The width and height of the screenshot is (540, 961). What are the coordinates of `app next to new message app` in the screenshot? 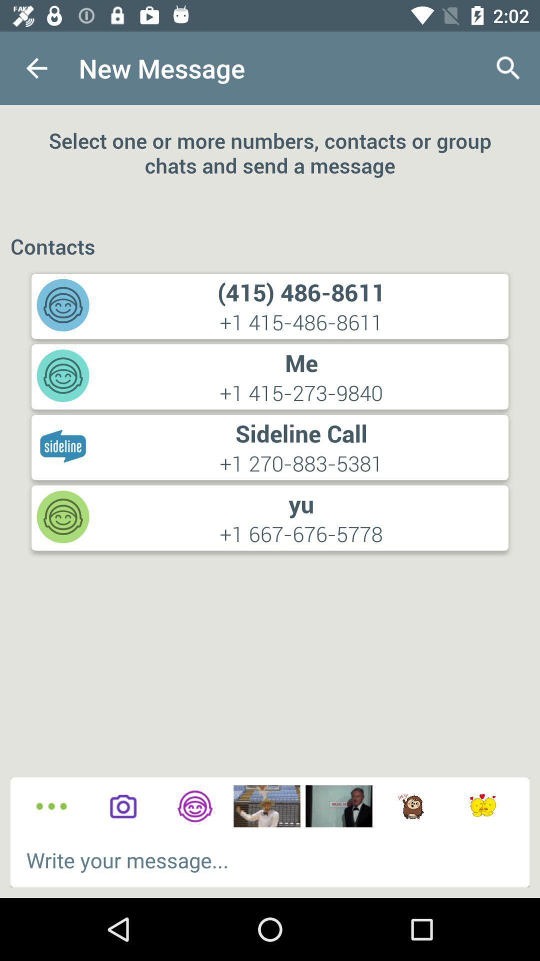 It's located at (36, 68).